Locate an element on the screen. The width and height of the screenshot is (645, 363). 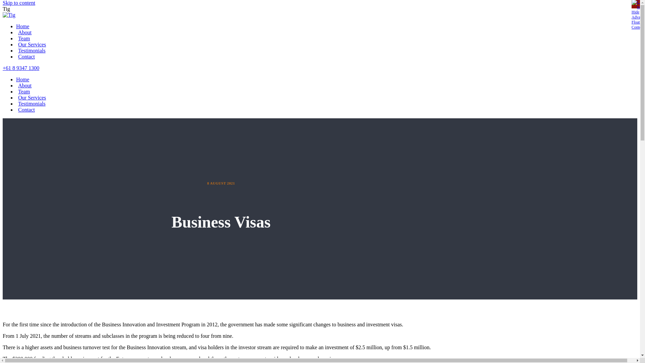
'Our Services' is located at coordinates (31, 97).